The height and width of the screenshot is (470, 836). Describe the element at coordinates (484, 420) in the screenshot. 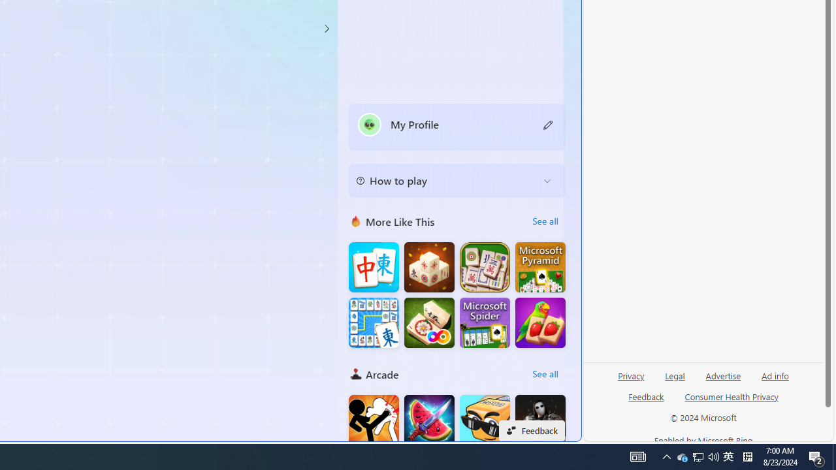

I see `'Cubes2048'` at that location.